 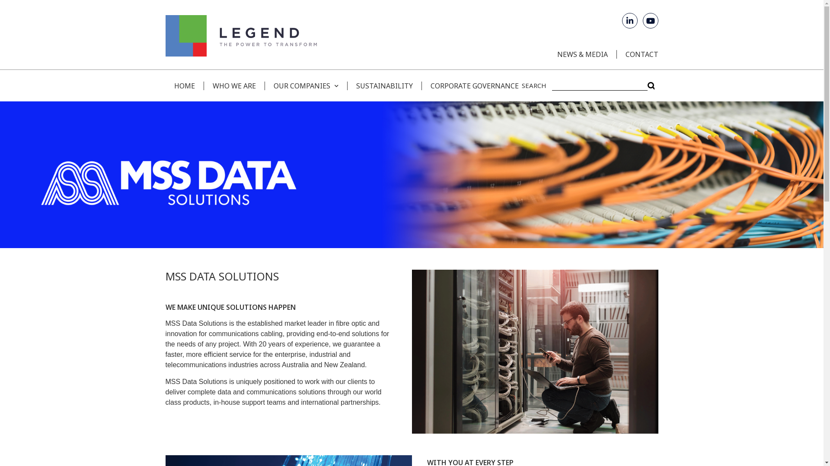 I want to click on 'NEWS & MEDIA', so click(x=582, y=54).